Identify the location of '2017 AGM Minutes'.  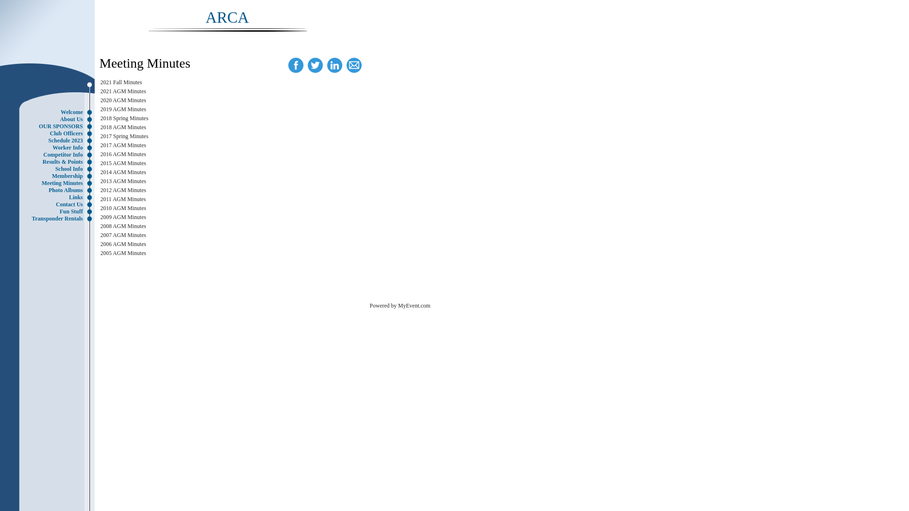
(123, 145).